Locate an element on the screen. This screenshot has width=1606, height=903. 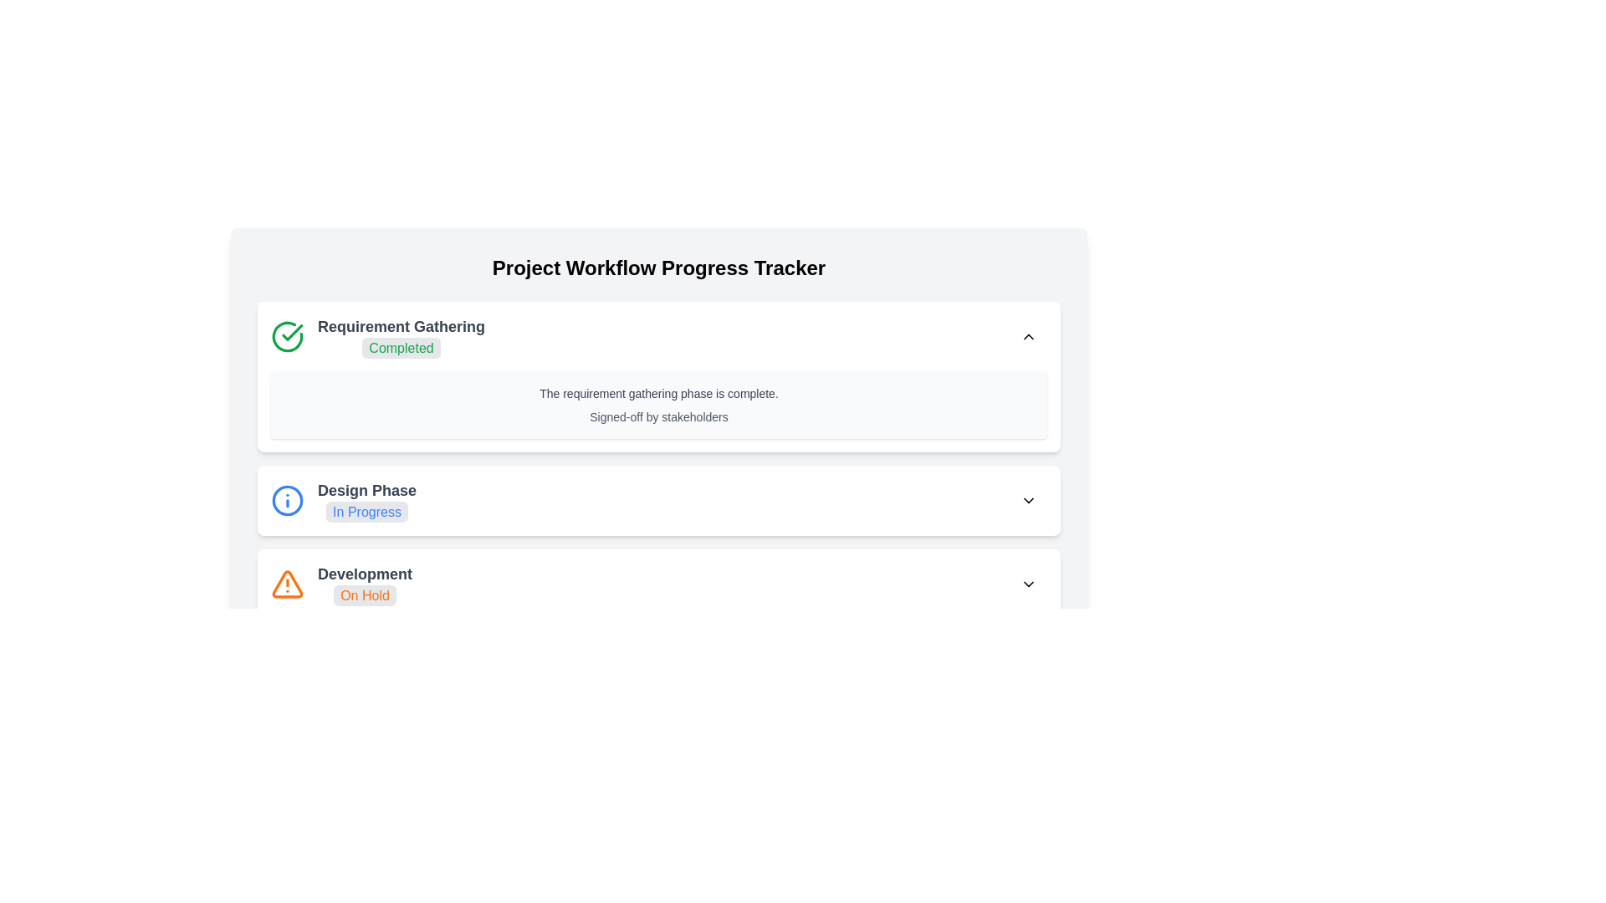
the completed status icon for the 'Requirement Gathering' workflow step, which is located on the left side of the section title is located at coordinates (292, 332).